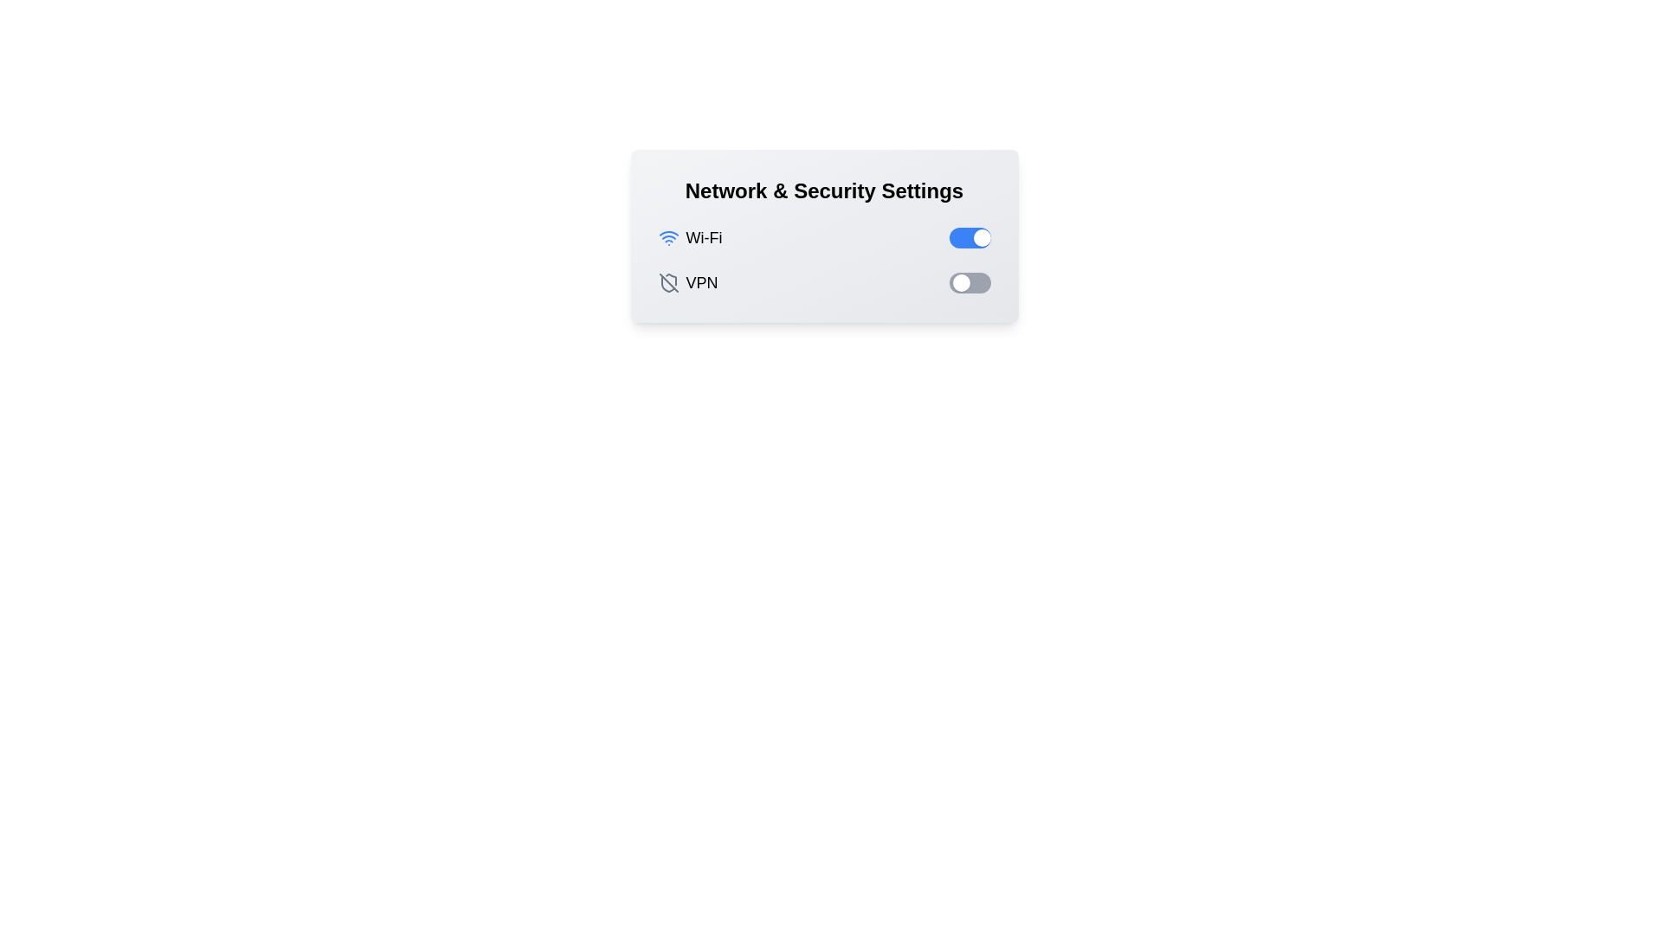 The image size is (1662, 935). Describe the element at coordinates (667, 232) in the screenshot. I see `the second arc of the Wi-Fi icon, which is a curved line styled with a thin contour and located to the left of the text 'Wi-Fi' in the settings panel` at that location.